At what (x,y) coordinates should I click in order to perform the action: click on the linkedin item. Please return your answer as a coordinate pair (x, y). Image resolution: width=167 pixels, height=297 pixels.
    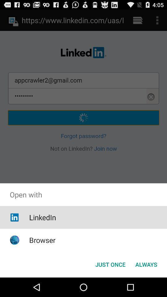
    Looking at the image, I should click on (42, 217).